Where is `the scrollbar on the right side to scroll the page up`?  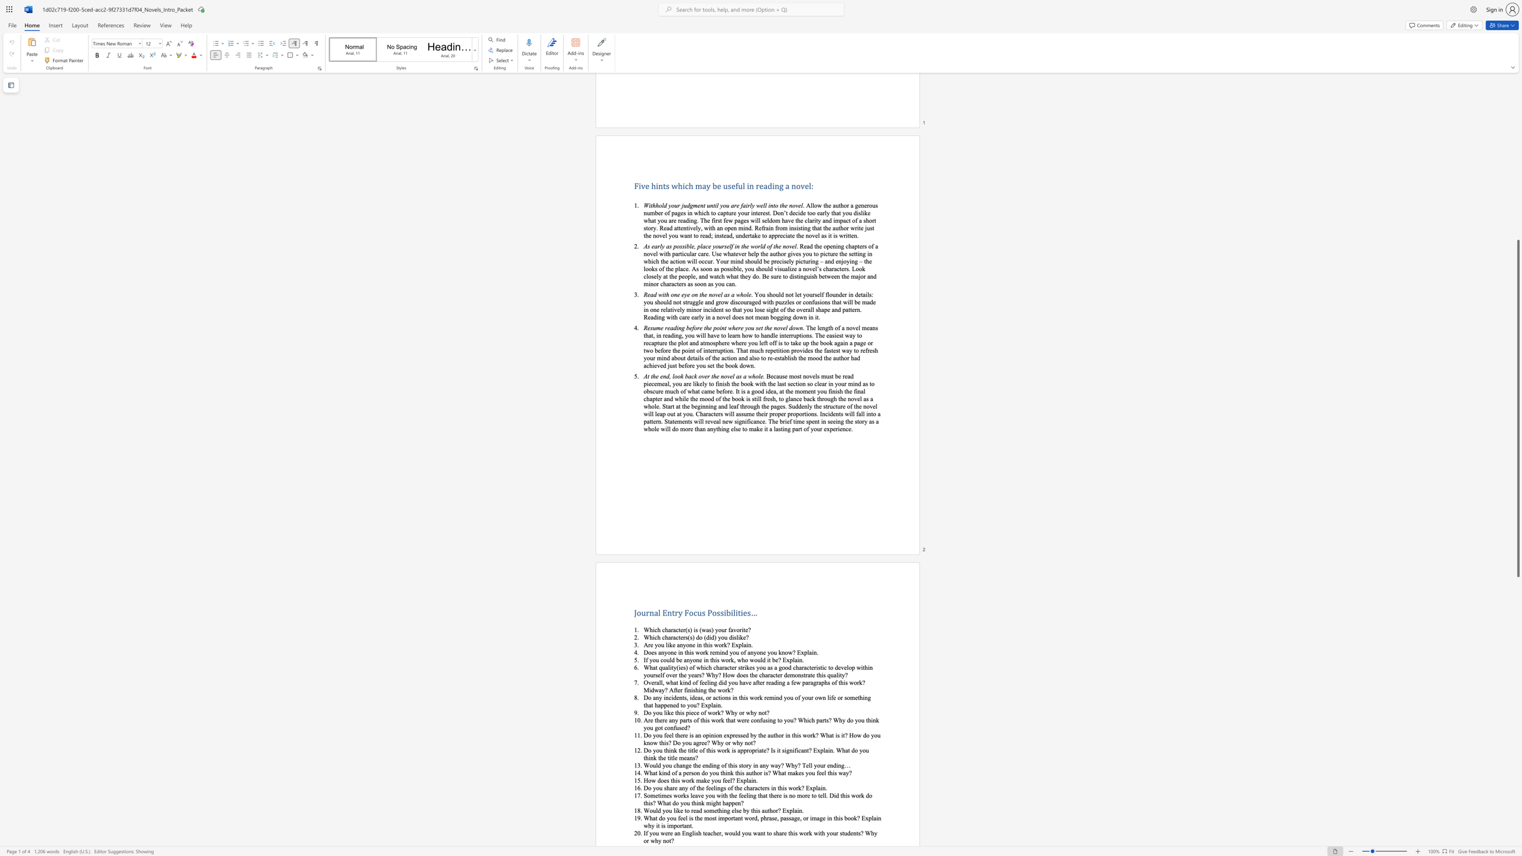 the scrollbar on the right side to scroll the page up is located at coordinates (1517, 91).